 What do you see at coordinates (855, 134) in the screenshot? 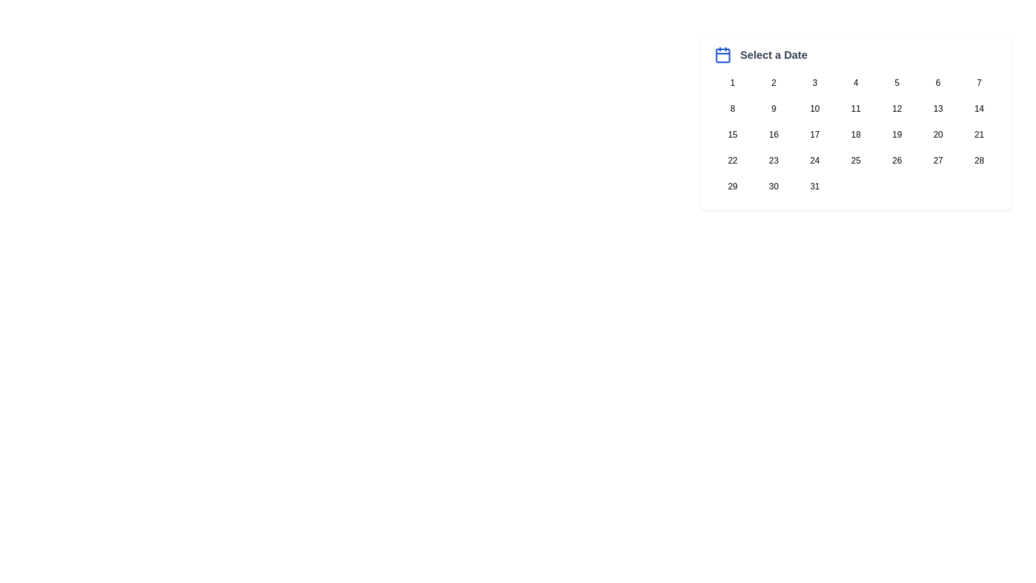
I see `the button representing the date 18 in the calendar interface` at bounding box center [855, 134].